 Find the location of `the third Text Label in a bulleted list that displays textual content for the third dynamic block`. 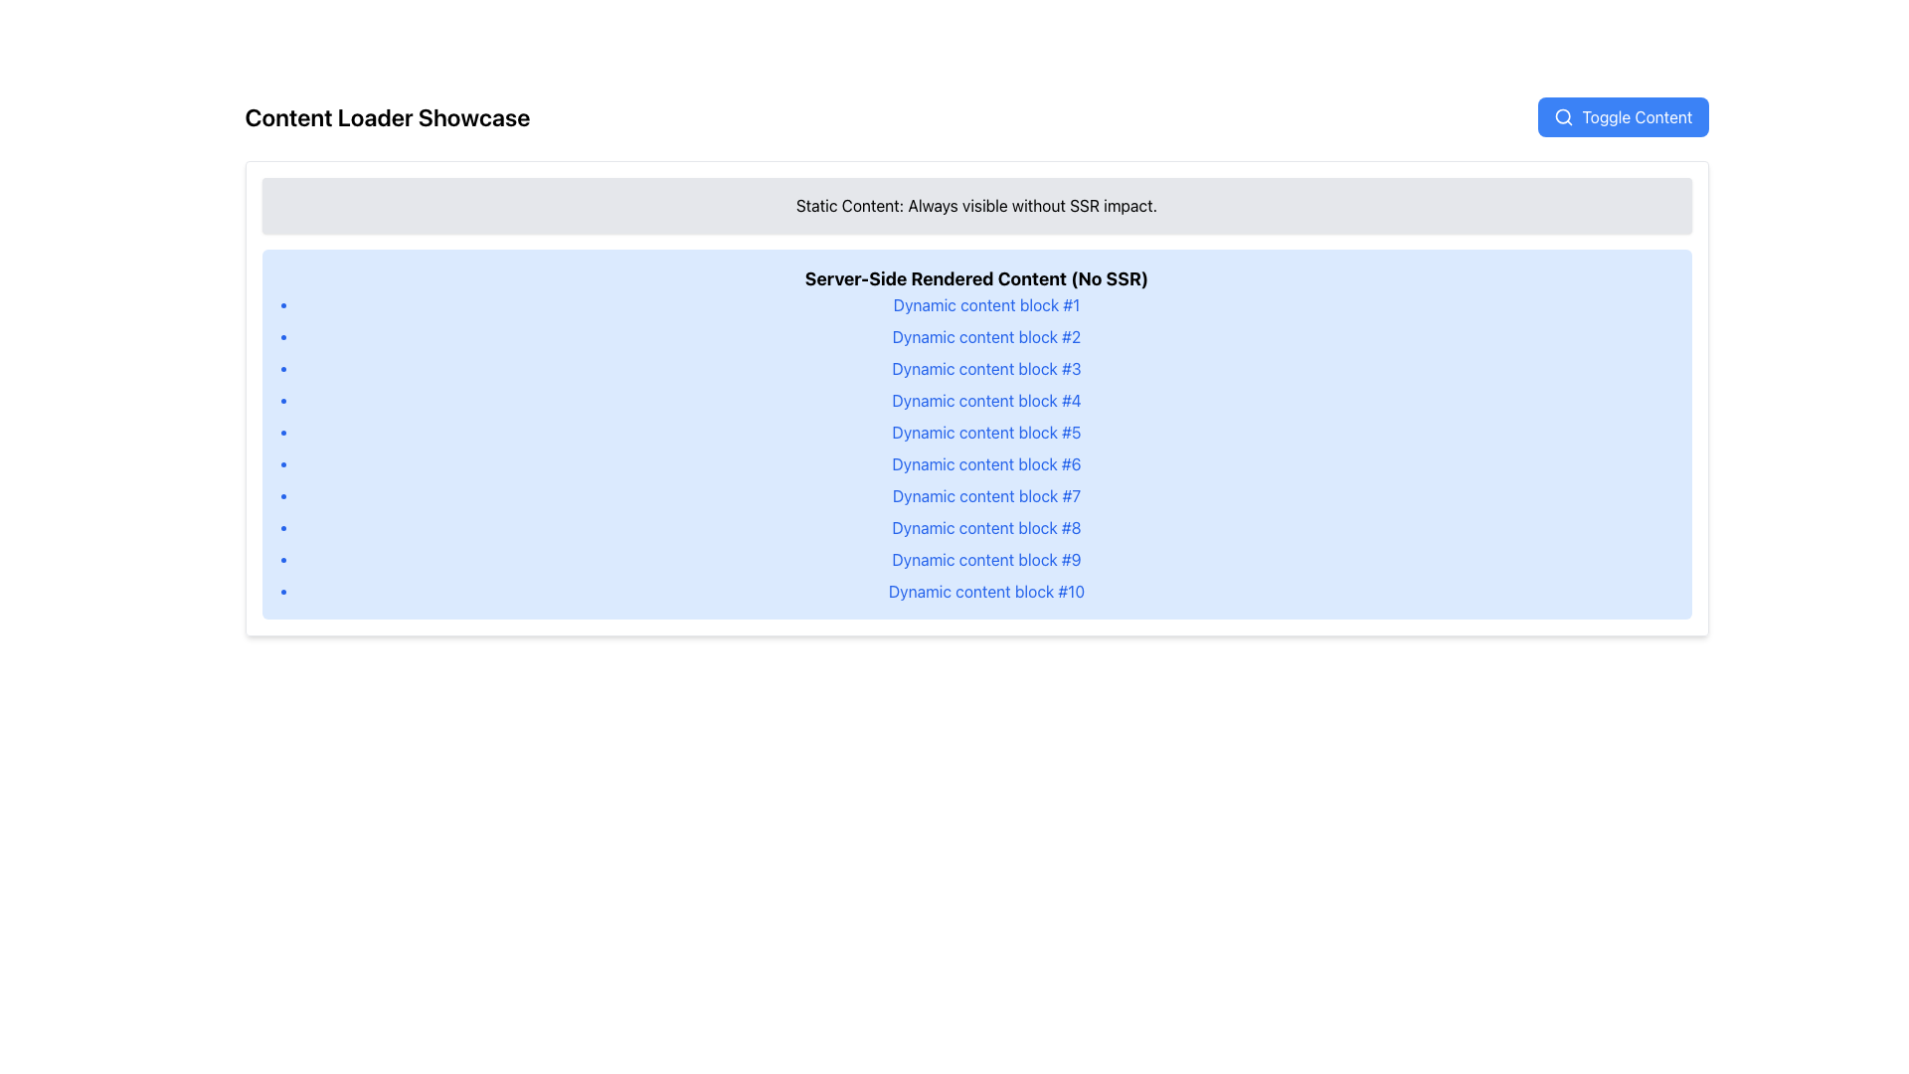

the third Text Label in a bulleted list that displays textual content for the third dynamic block is located at coordinates (986, 368).